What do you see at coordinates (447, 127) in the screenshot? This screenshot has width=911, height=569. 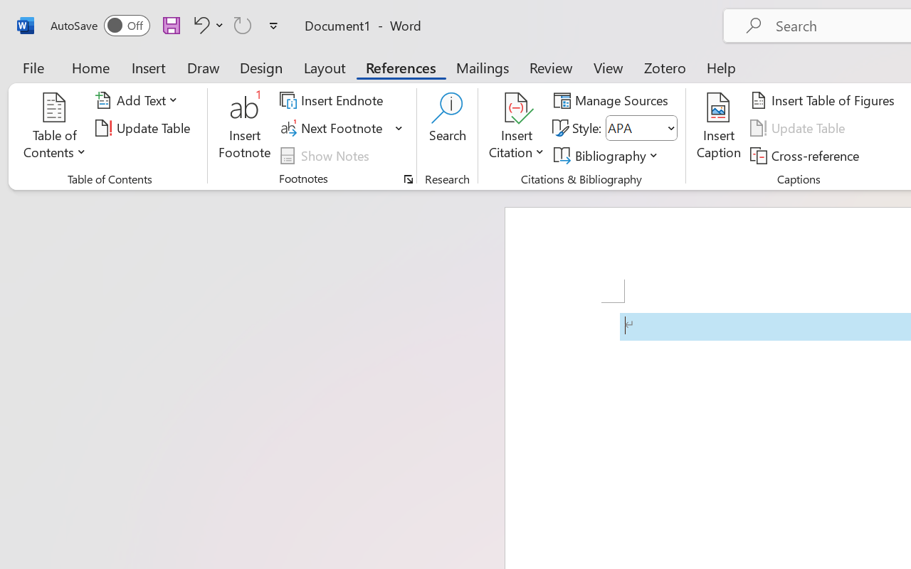 I see `'Search'` at bounding box center [447, 127].